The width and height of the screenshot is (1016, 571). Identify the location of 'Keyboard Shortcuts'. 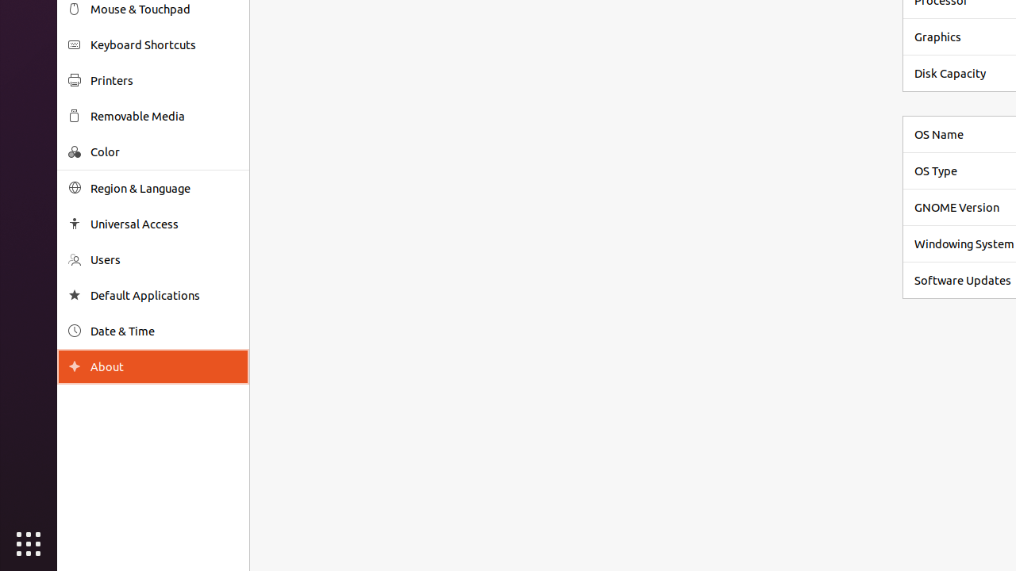
(164, 44).